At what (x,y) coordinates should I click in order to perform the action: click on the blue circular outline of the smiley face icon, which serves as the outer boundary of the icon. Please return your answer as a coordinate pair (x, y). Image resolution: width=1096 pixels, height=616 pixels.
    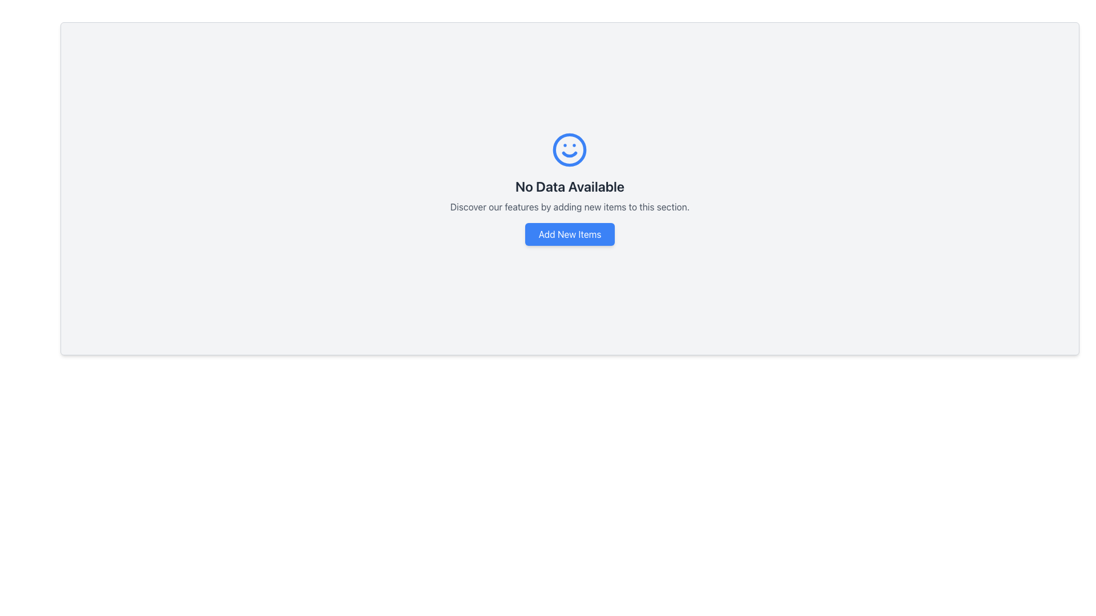
    Looking at the image, I should click on (570, 149).